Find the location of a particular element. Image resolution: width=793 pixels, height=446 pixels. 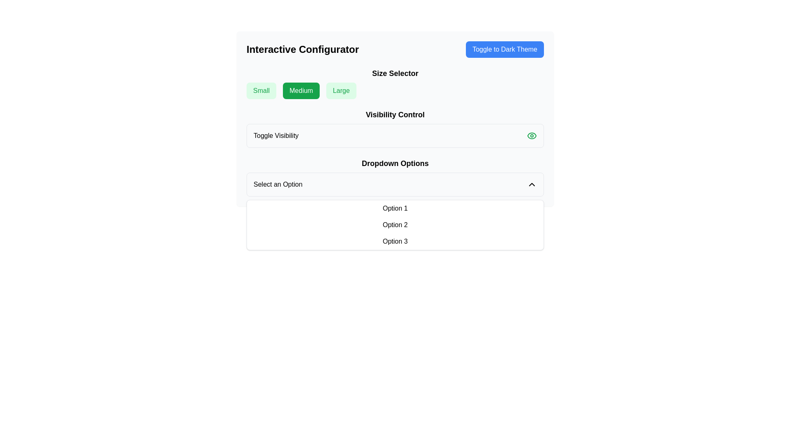

the visibility toggle icon located on the right side of the 'Toggle Visibility' section is located at coordinates (532, 135).